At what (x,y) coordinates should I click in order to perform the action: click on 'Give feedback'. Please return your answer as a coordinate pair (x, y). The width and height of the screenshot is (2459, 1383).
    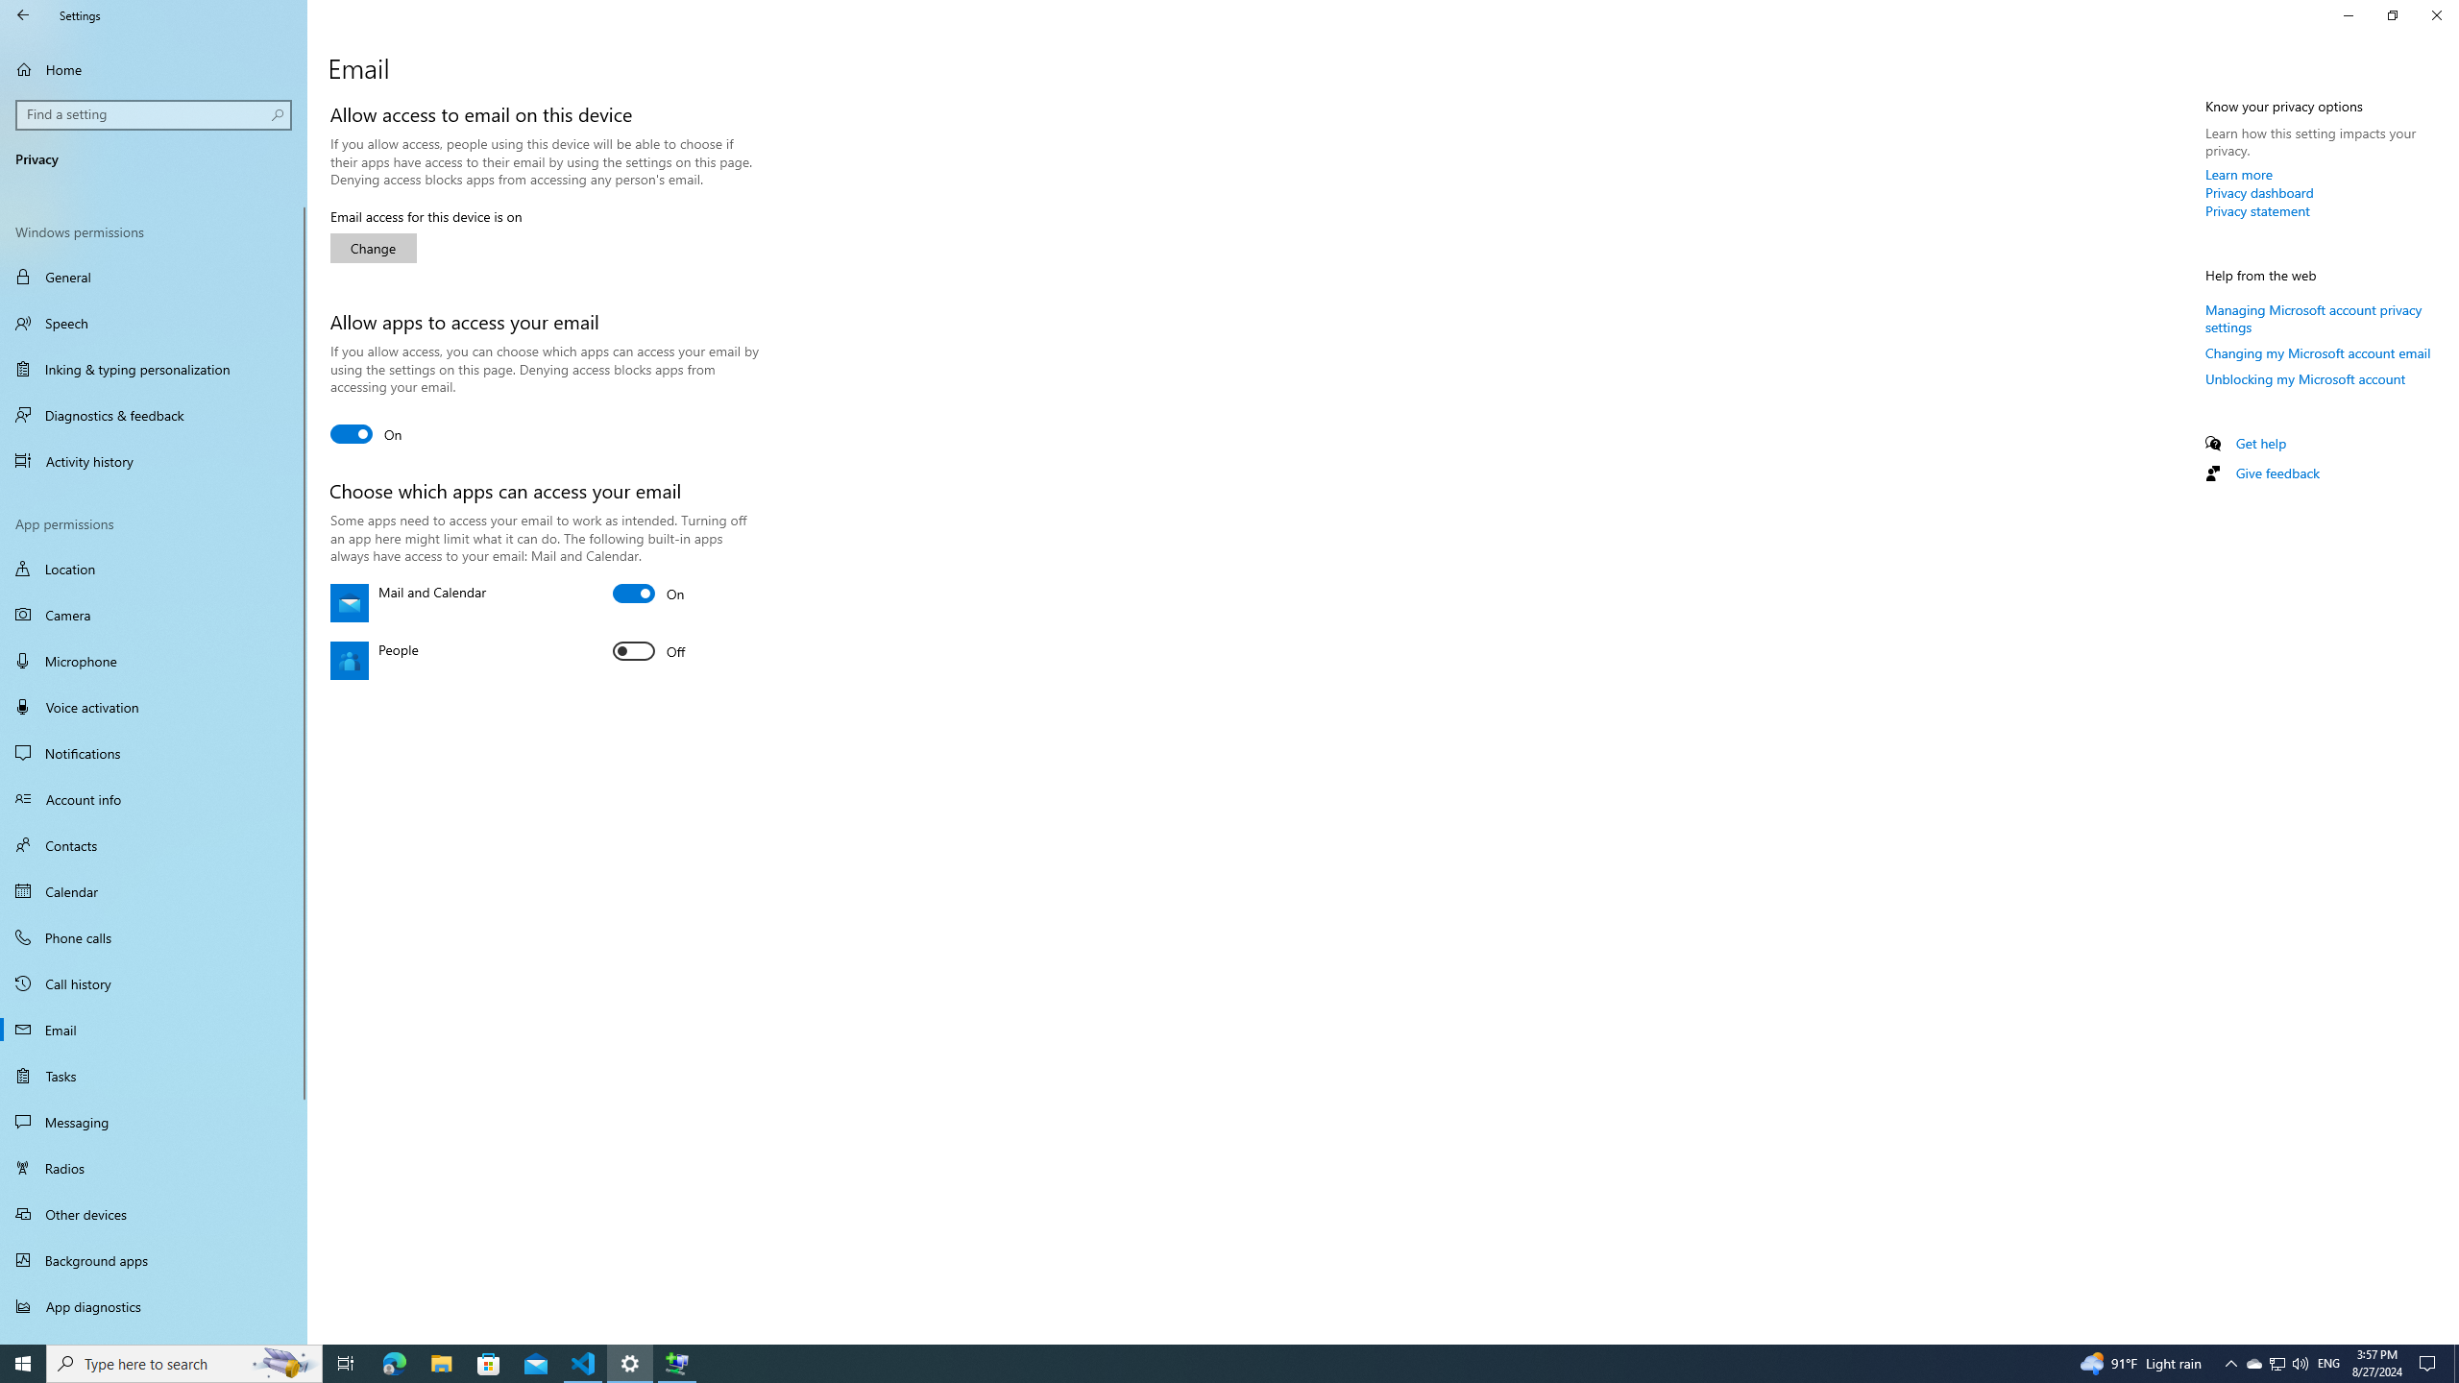
    Looking at the image, I should click on (2276, 472).